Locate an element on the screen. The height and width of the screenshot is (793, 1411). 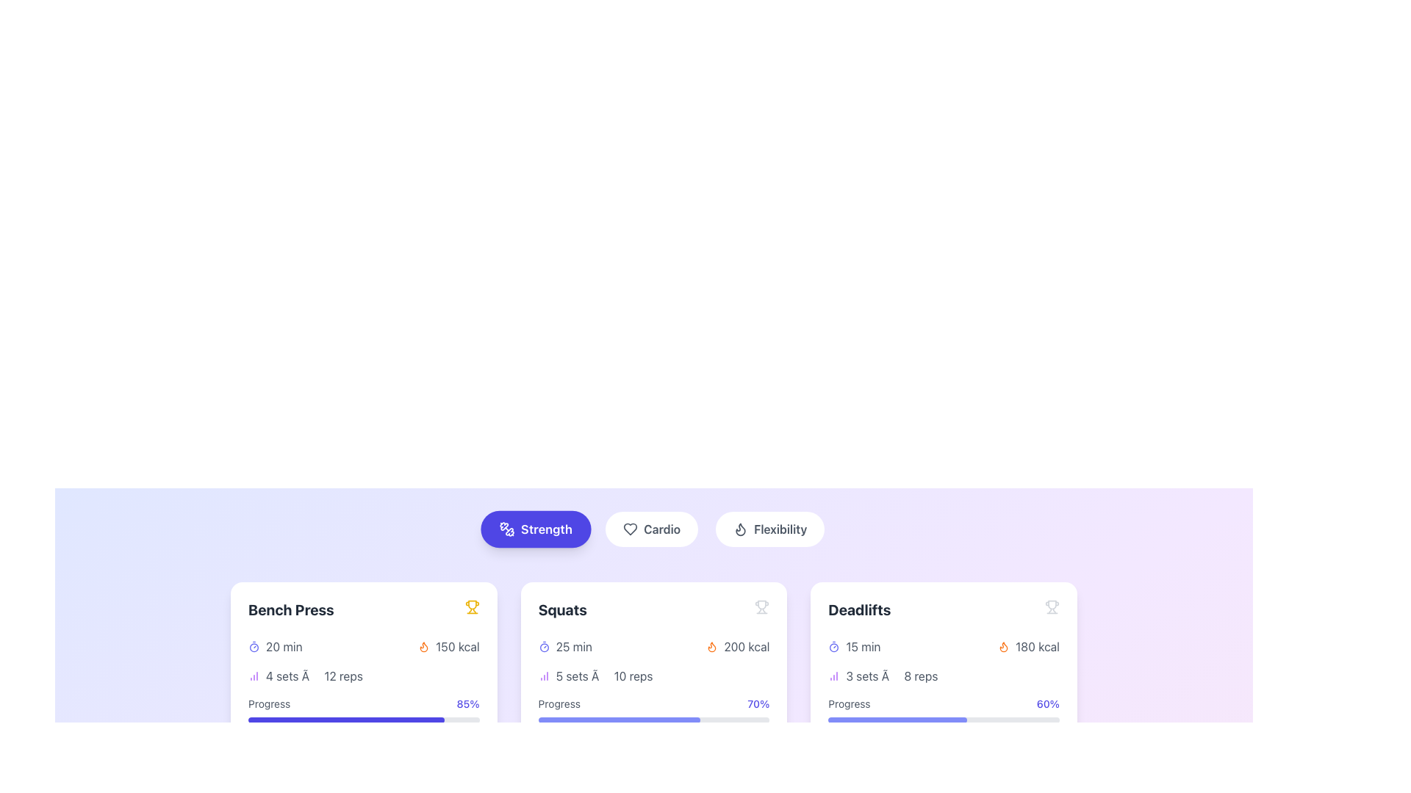
the progress level indicated by the horizontal progress bar labeled 'Progress' in the 'Squats' section, which shows a blue segment at 70% of the total length is located at coordinates (619, 719).